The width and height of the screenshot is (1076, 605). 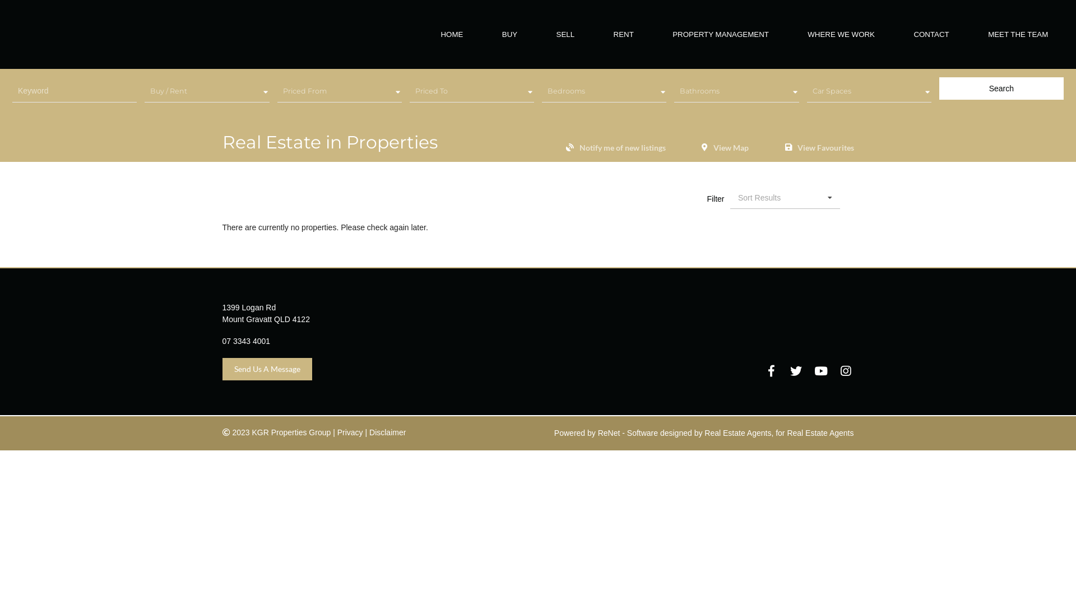 What do you see at coordinates (1001, 88) in the screenshot?
I see `'Search'` at bounding box center [1001, 88].